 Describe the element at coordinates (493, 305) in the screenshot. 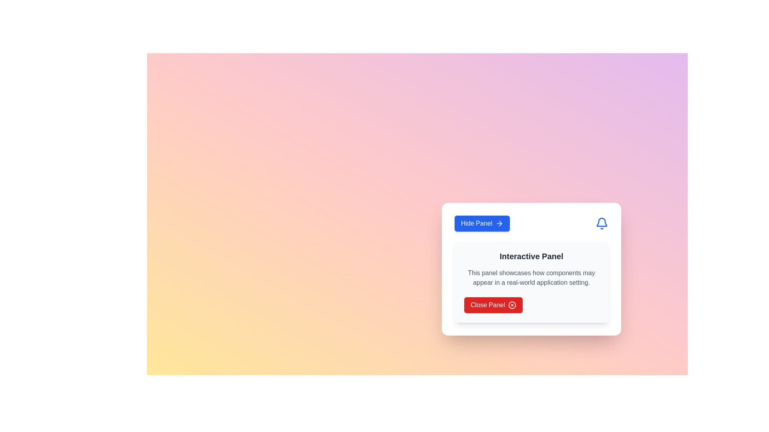

I see `the red 'Close Panel' button with white text and an 'X' icon for accessibility navigation` at that location.